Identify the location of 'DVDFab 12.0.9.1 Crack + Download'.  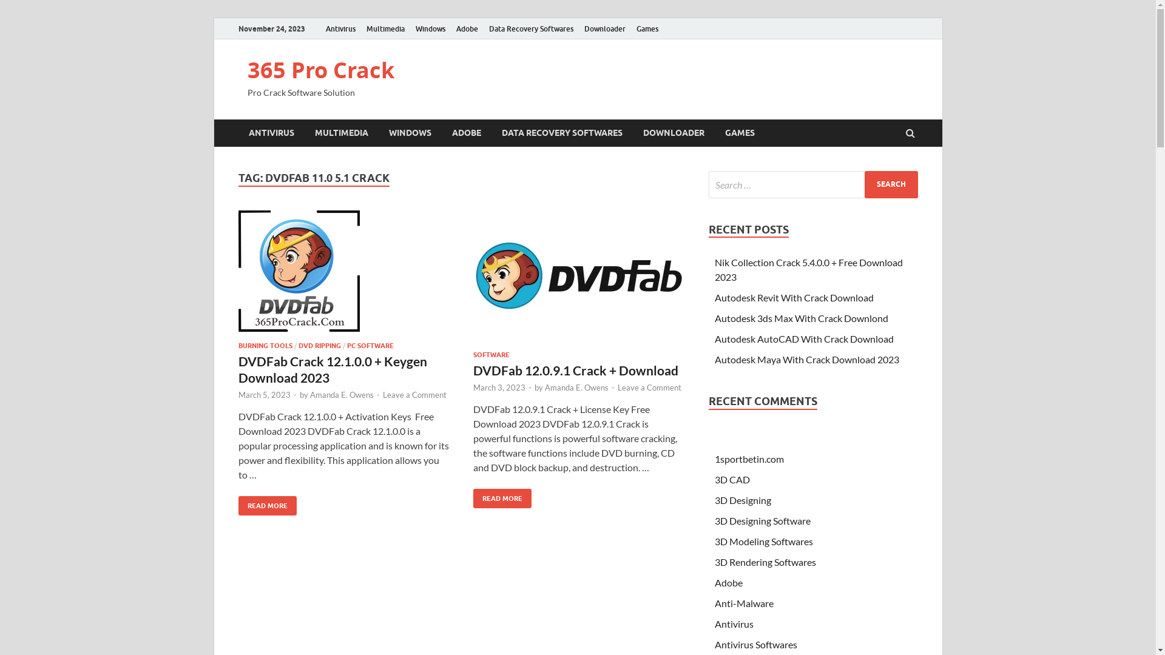
(575, 369).